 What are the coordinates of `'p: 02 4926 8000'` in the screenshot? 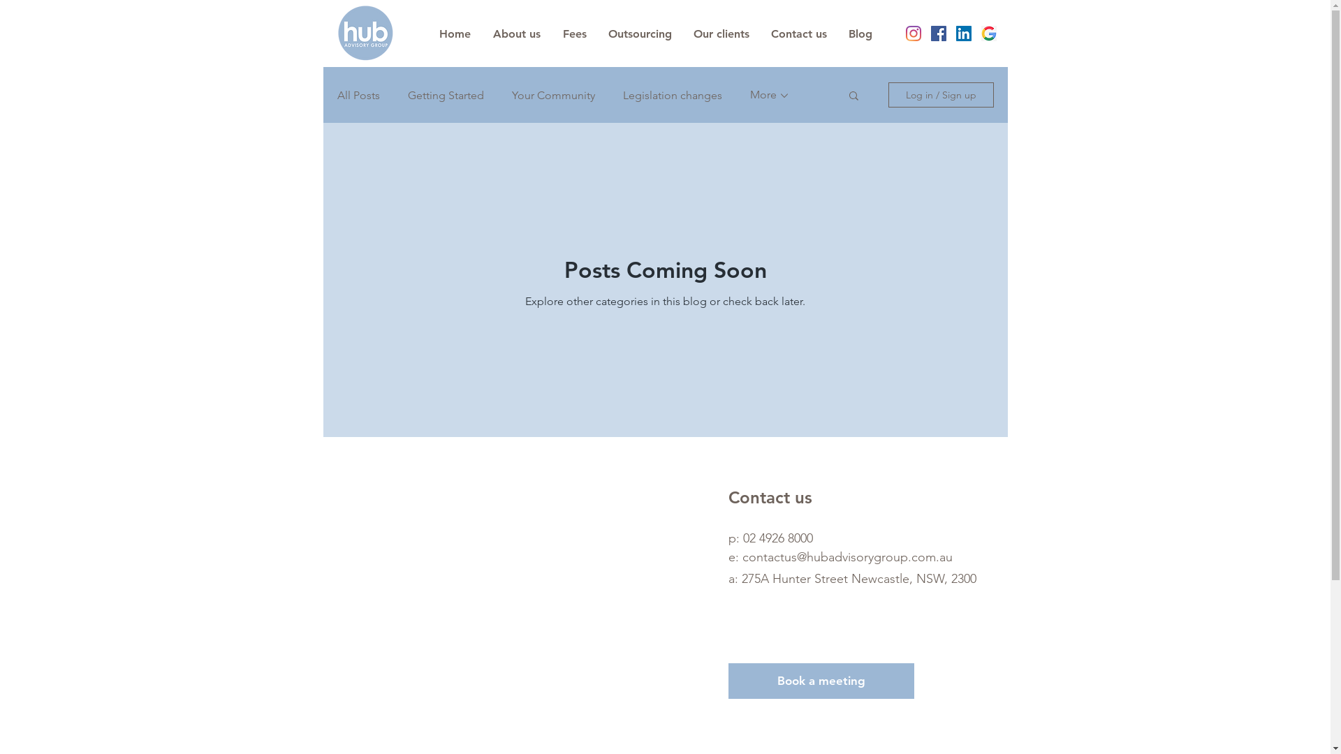 It's located at (769, 538).